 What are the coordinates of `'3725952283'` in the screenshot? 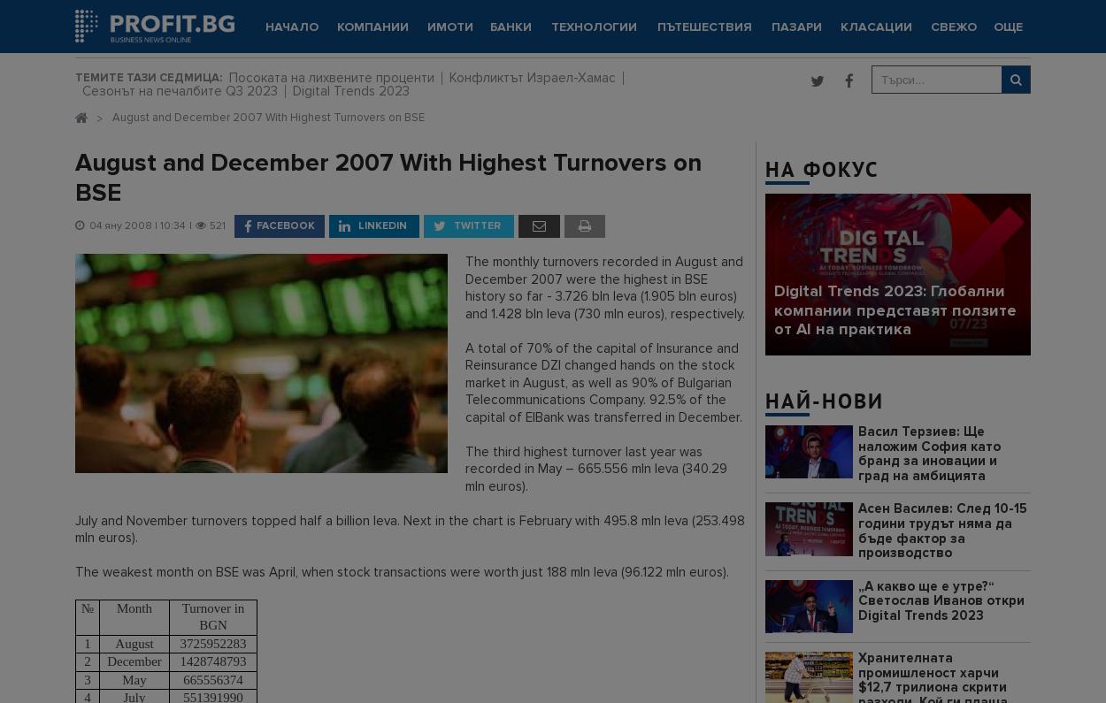 It's located at (179, 642).